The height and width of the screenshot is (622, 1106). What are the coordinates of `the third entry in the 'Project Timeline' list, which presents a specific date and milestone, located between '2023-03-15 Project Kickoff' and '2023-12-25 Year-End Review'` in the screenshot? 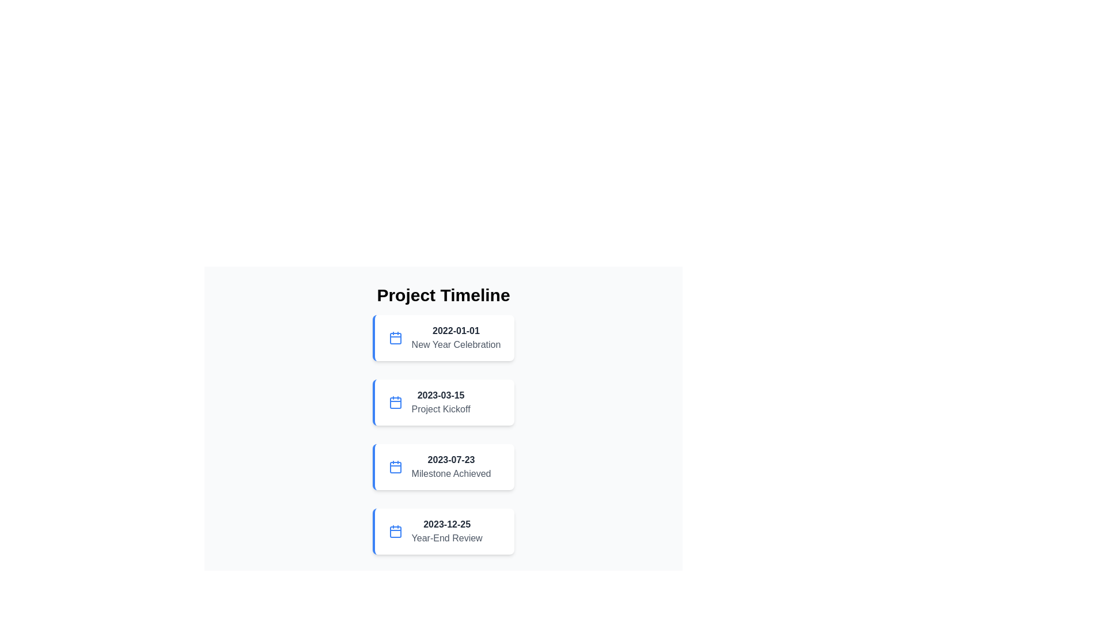 It's located at (450, 466).